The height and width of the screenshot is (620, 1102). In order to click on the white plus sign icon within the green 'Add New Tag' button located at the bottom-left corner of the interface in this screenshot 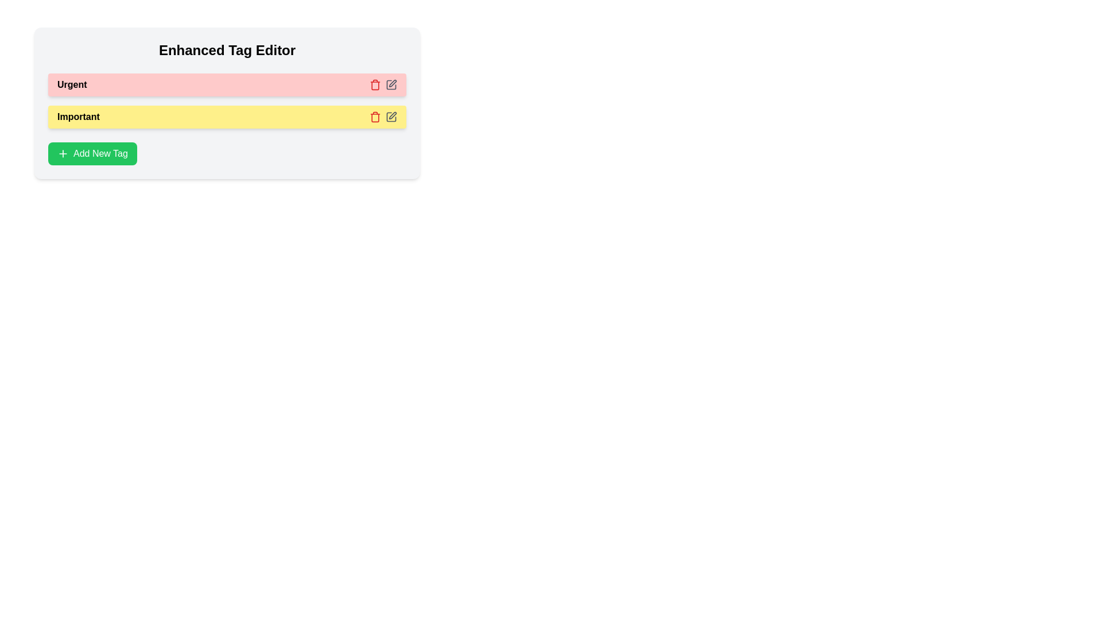, I will do `click(63, 153)`.